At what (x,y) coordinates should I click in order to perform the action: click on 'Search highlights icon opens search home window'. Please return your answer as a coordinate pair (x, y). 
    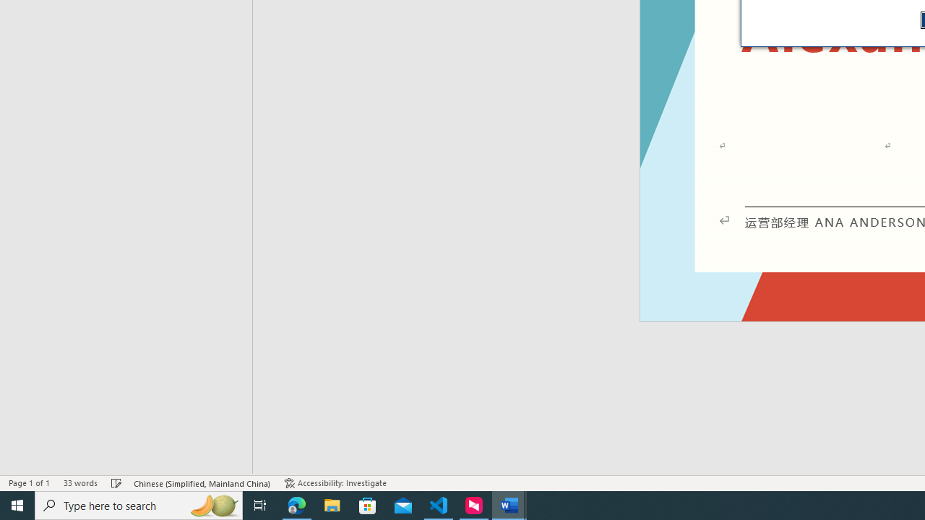
    Looking at the image, I should click on (212, 504).